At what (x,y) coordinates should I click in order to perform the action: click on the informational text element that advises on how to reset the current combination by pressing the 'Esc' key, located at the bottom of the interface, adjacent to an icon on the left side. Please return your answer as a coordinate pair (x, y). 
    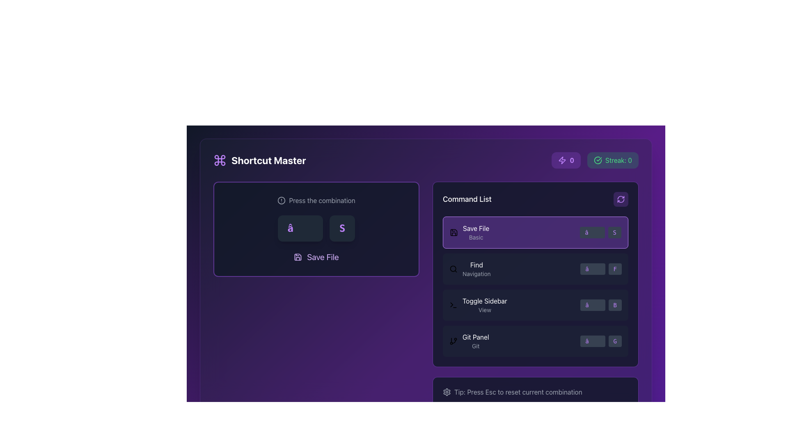
    Looking at the image, I should click on (518, 392).